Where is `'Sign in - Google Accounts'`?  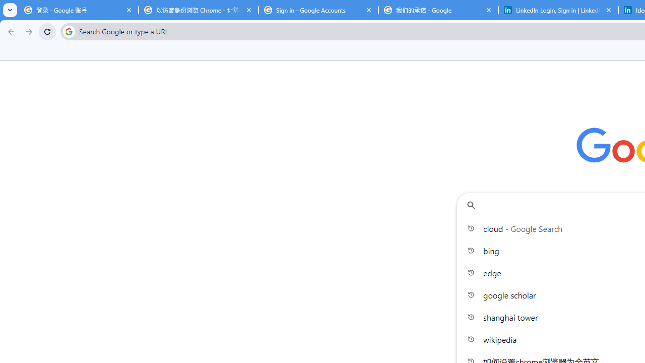 'Sign in - Google Accounts' is located at coordinates (318, 10).